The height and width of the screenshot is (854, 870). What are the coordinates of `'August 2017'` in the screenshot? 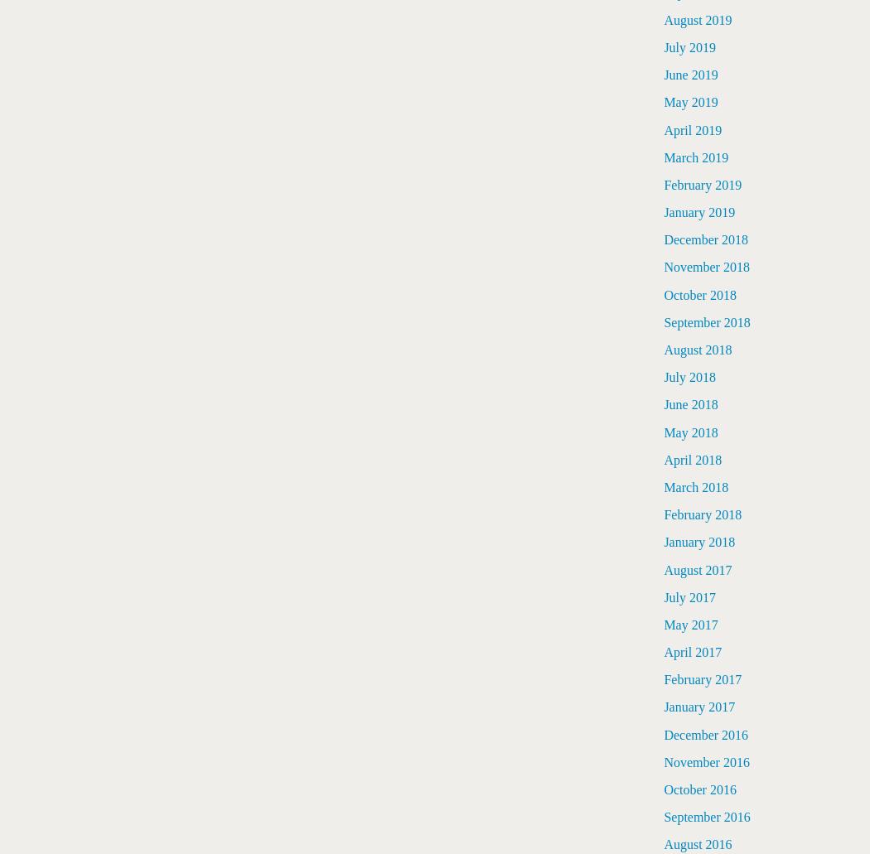 It's located at (697, 569).